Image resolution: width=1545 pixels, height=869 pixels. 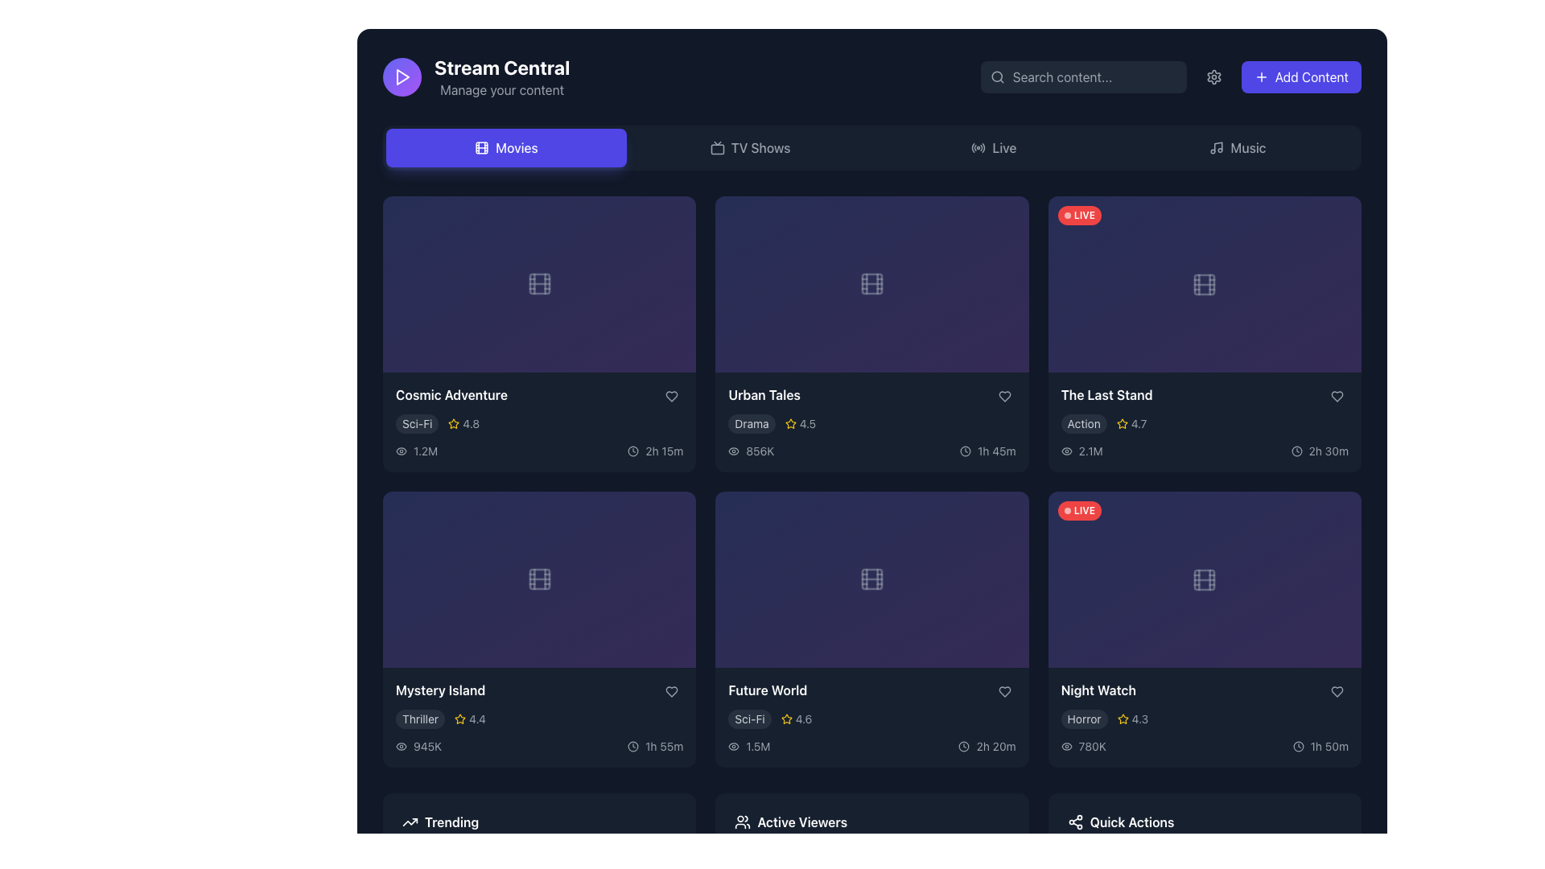 I want to click on the numeric text '945K' displayed in gray, which is styled with a sans-serif typeface and located in the lower-left section of the 'Mystery Island' movie card, to the right of the eye icon, so click(x=427, y=746).